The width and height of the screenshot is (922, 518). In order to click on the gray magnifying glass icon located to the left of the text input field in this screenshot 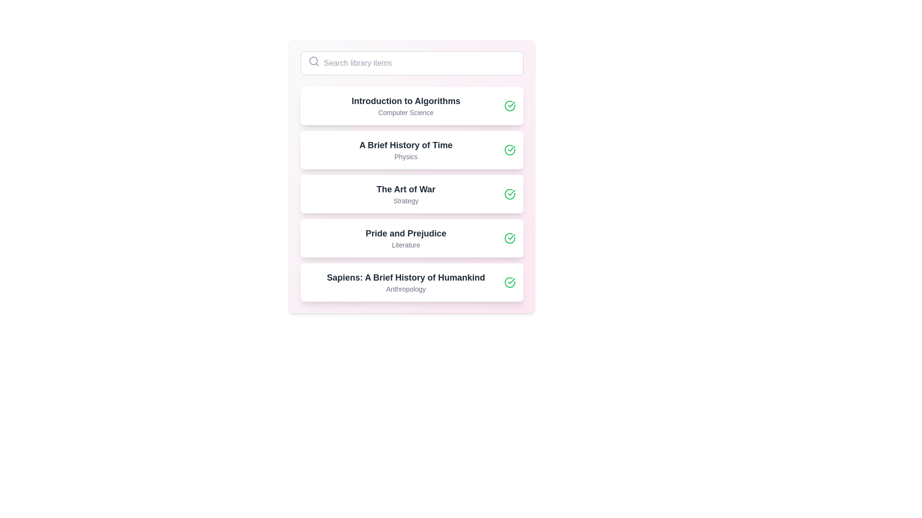, I will do `click(314, 61)`.